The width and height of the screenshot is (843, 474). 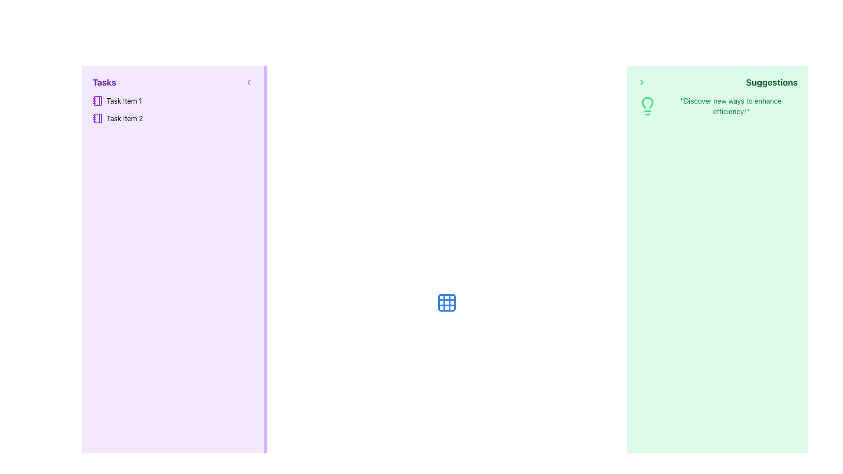 What do you see at coordinates (248, 83) in the screenshot?
I see `the leftward-facing chevron icon styled in purple, located at the top-right corner of the 'Tasks' section in the left panel` at bounding box center [248, 83].